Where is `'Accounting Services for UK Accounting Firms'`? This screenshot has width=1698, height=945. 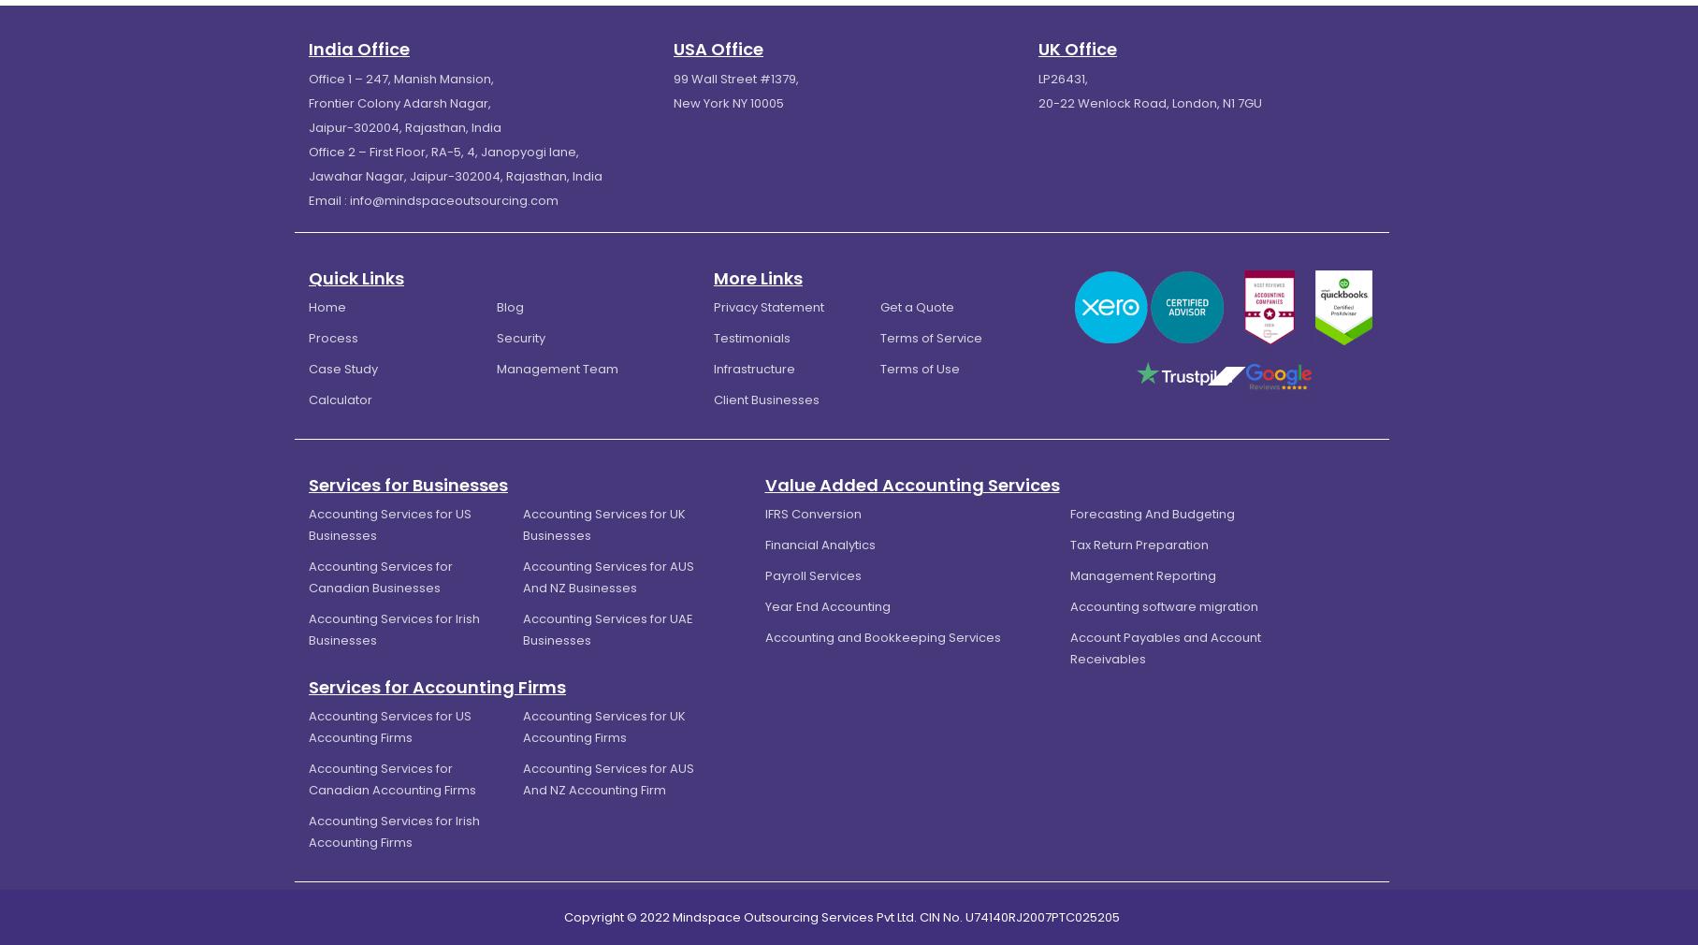
'Accounting Services for UK Accounting Firms' is located at coordinates (520, 725).